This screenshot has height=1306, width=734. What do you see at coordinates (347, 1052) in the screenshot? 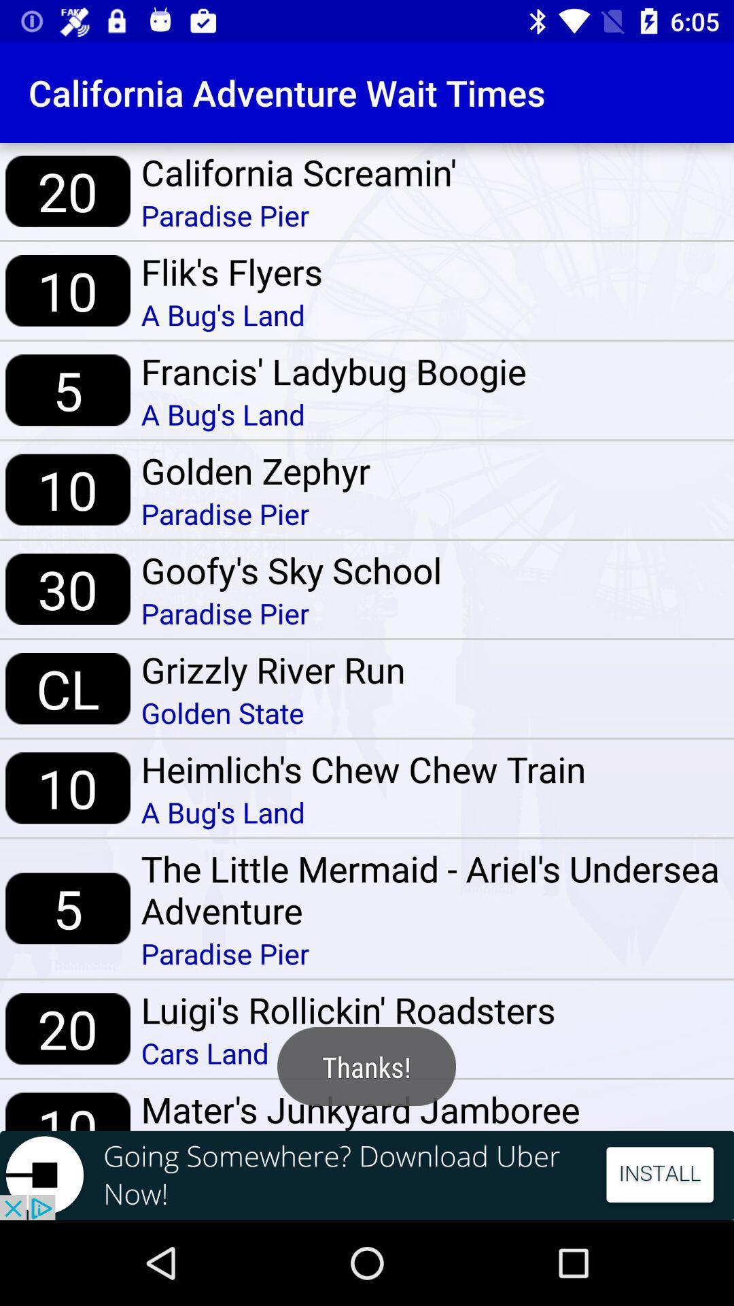
I see `cars land icon` at bounding box center [347, 1052].